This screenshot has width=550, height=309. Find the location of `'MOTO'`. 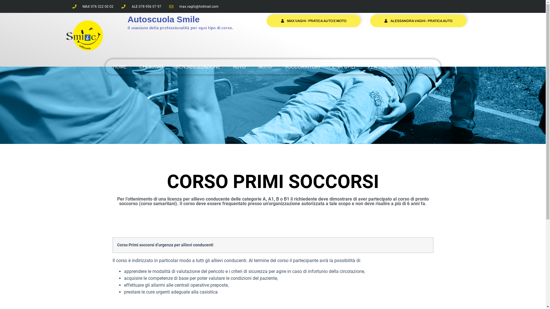

'MOTO' is located at coordinates (265, 67).